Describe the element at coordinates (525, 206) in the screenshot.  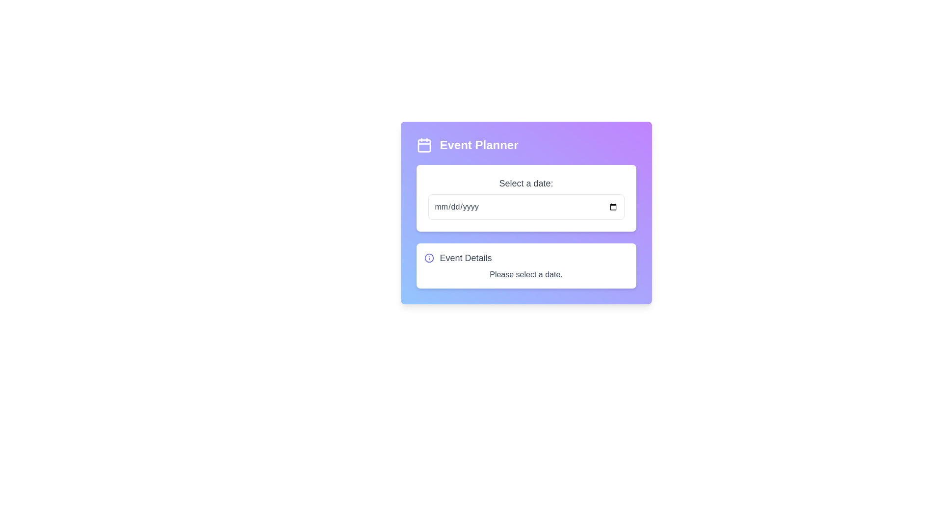
I see `the Date Input Field styled with a light gray border and rounded corners to focus the field` at that location.